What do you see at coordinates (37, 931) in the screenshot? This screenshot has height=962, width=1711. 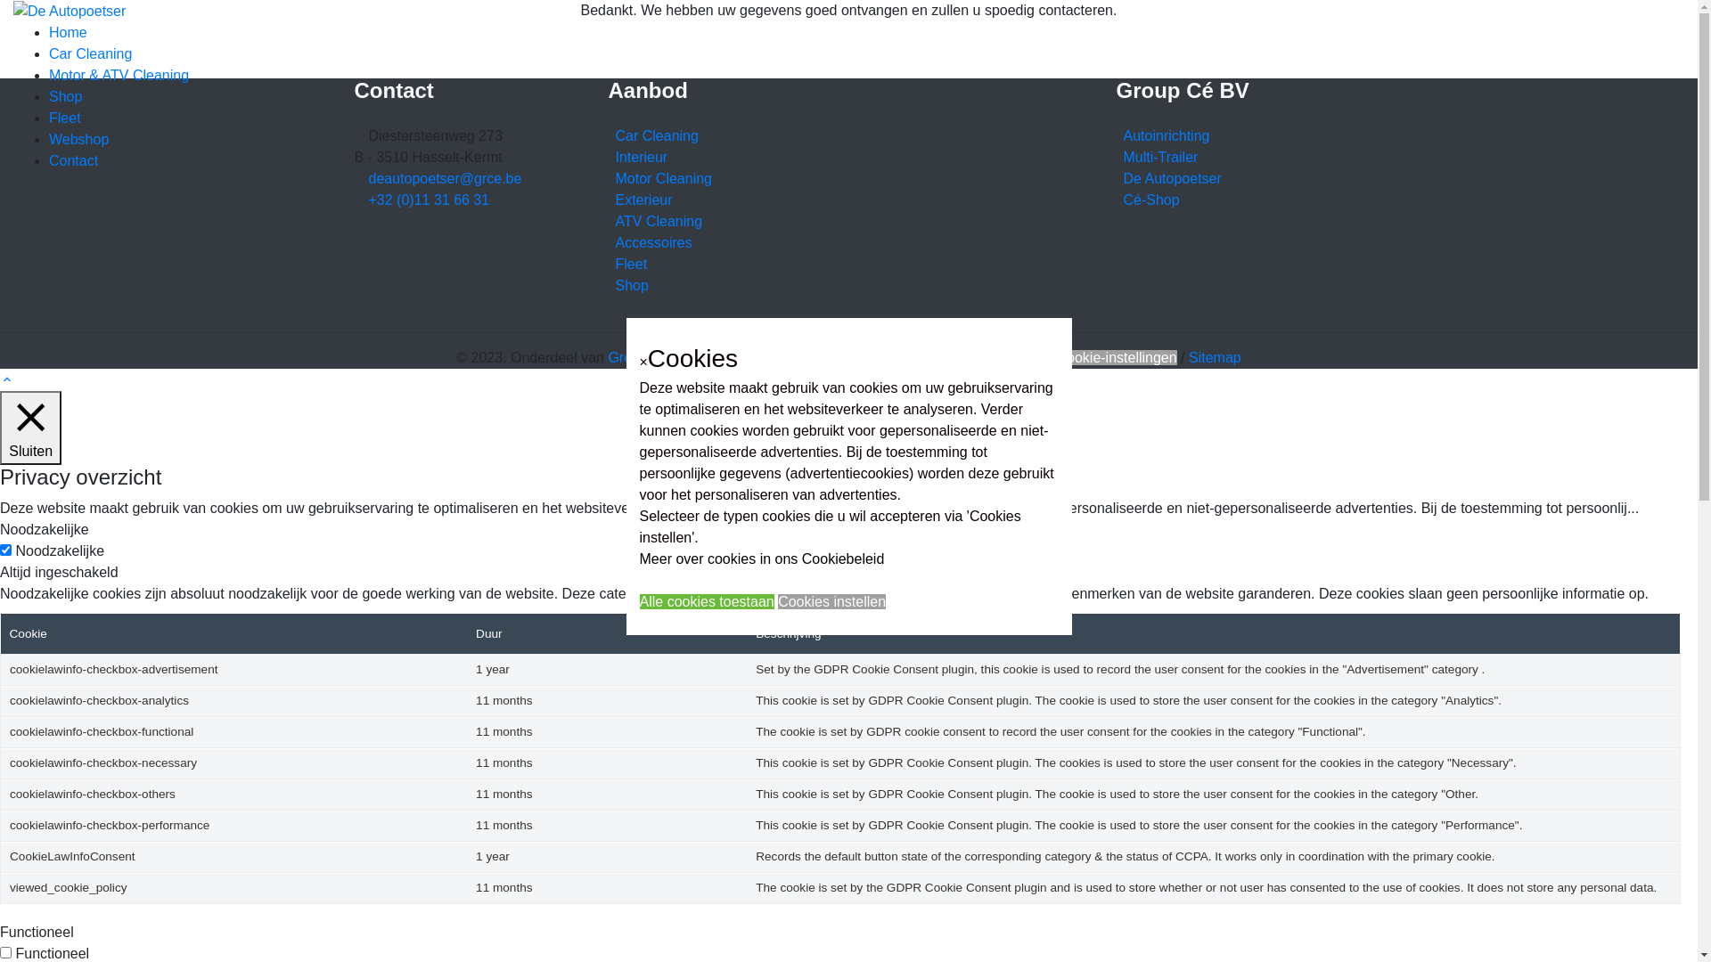 I see `'Functioneel'` at bounding box center [37, 931].